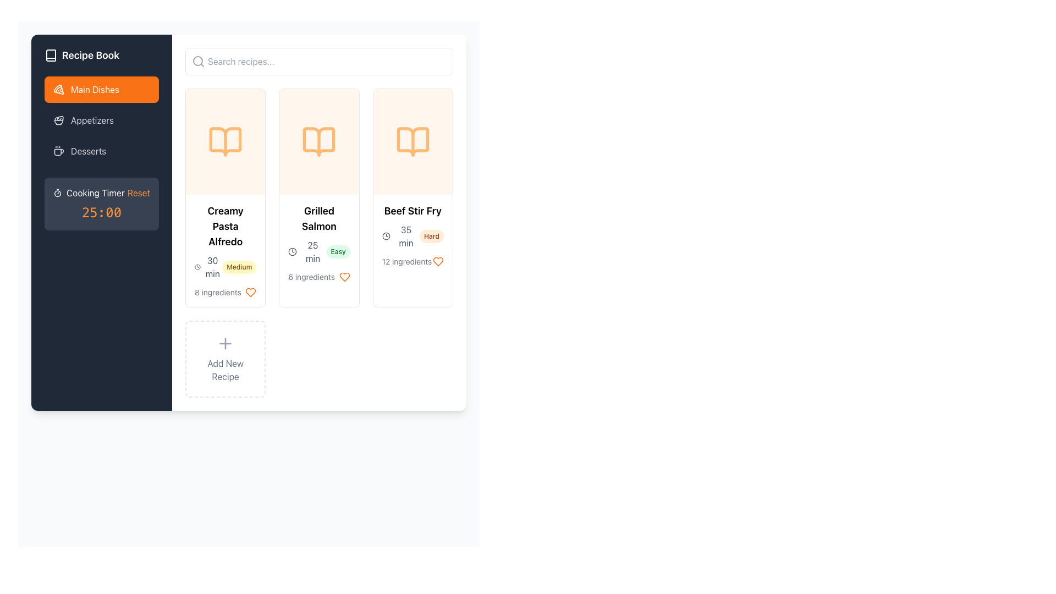 Image resolution: width=1056 pixels, height=594 pixels. I want to click on the text label that indicates the number of ingredients required for the recipe in the second card of the horizontal list, so click(311, 277).